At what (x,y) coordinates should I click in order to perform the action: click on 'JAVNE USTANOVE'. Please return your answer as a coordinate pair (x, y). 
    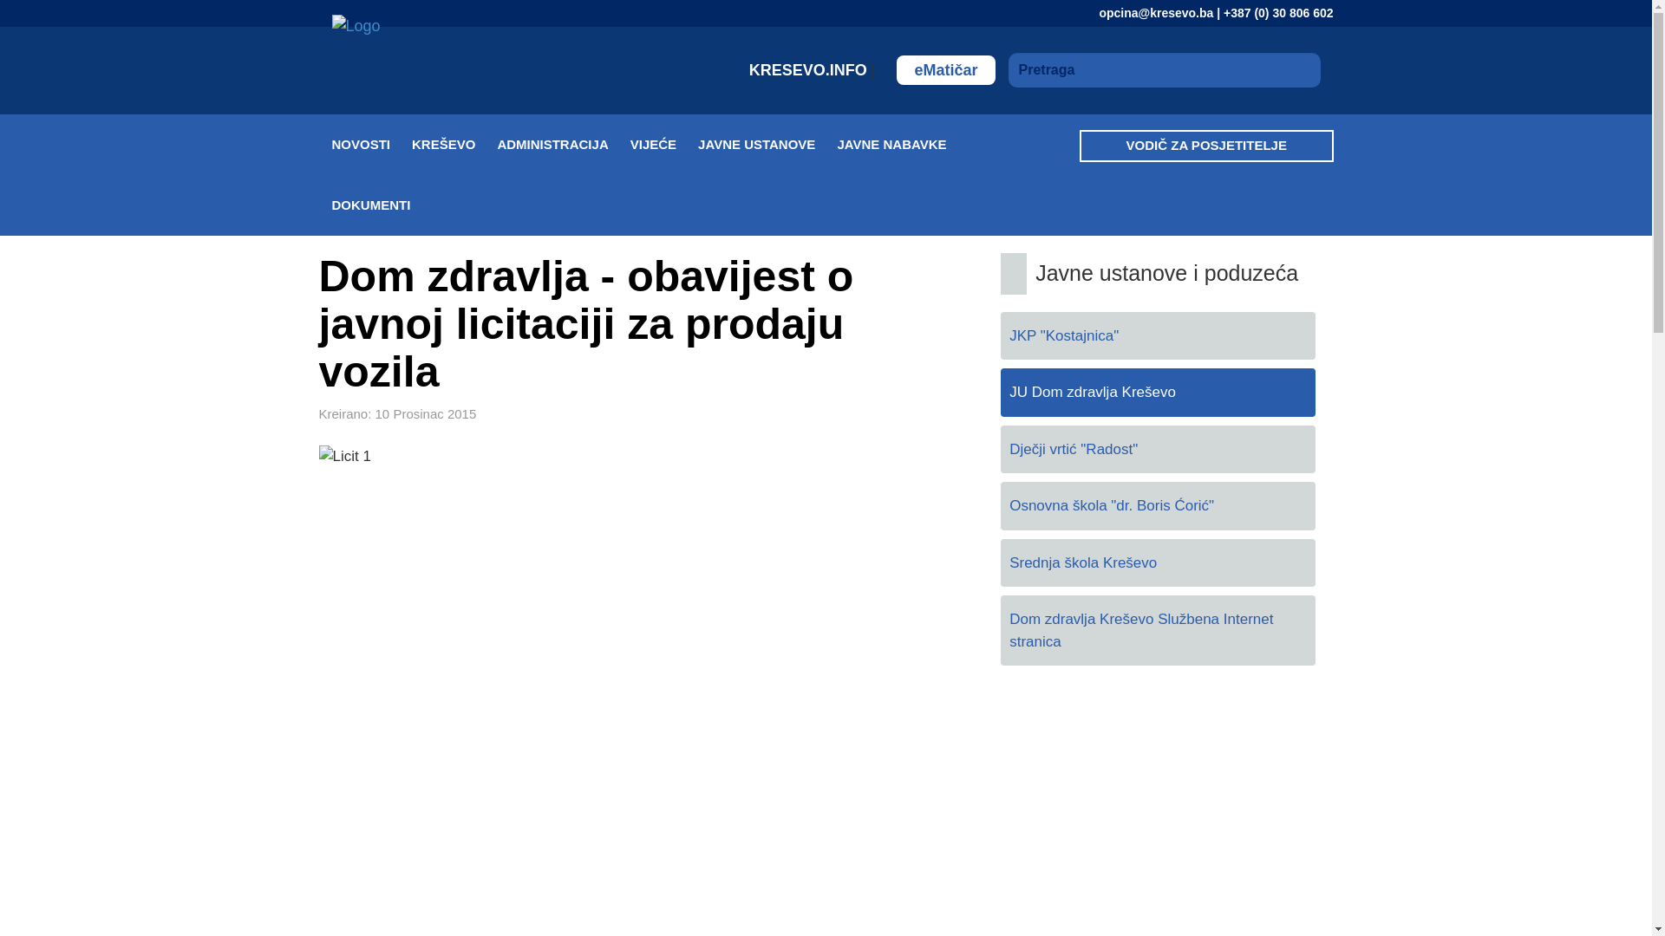
    Looking at the image, I should click on (766, 143).